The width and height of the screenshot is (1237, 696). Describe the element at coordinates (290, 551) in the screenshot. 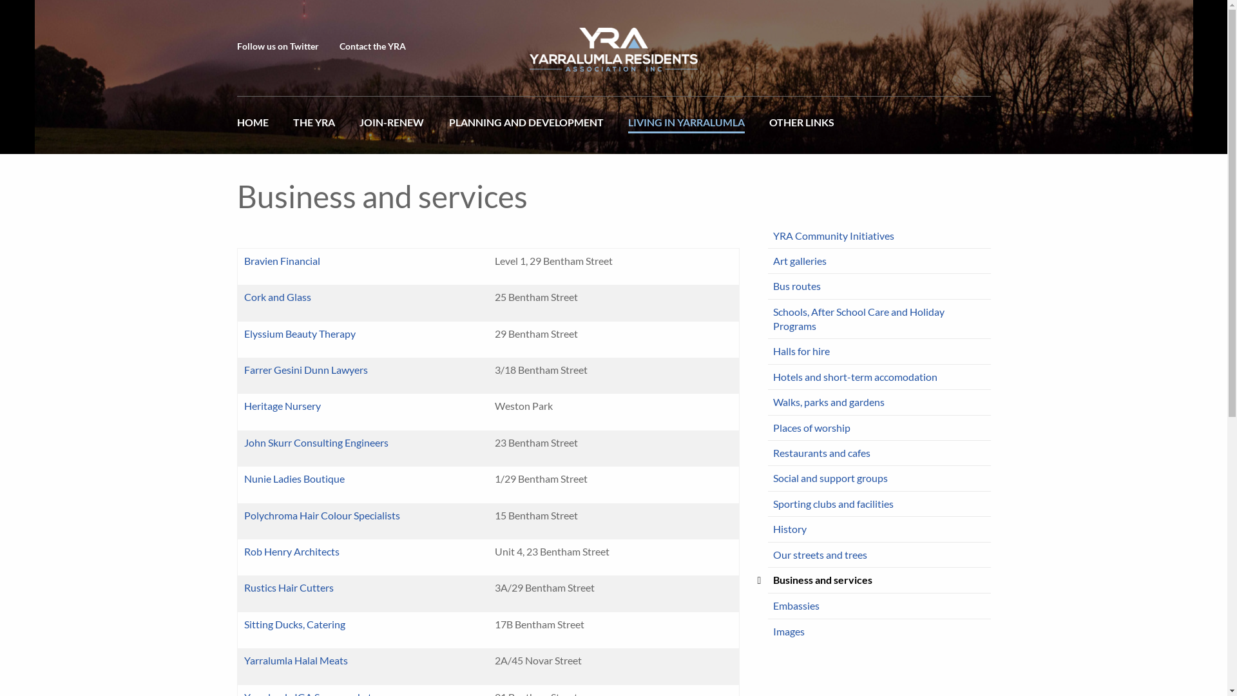

I see `'Rob Henry Architects'` at that location.